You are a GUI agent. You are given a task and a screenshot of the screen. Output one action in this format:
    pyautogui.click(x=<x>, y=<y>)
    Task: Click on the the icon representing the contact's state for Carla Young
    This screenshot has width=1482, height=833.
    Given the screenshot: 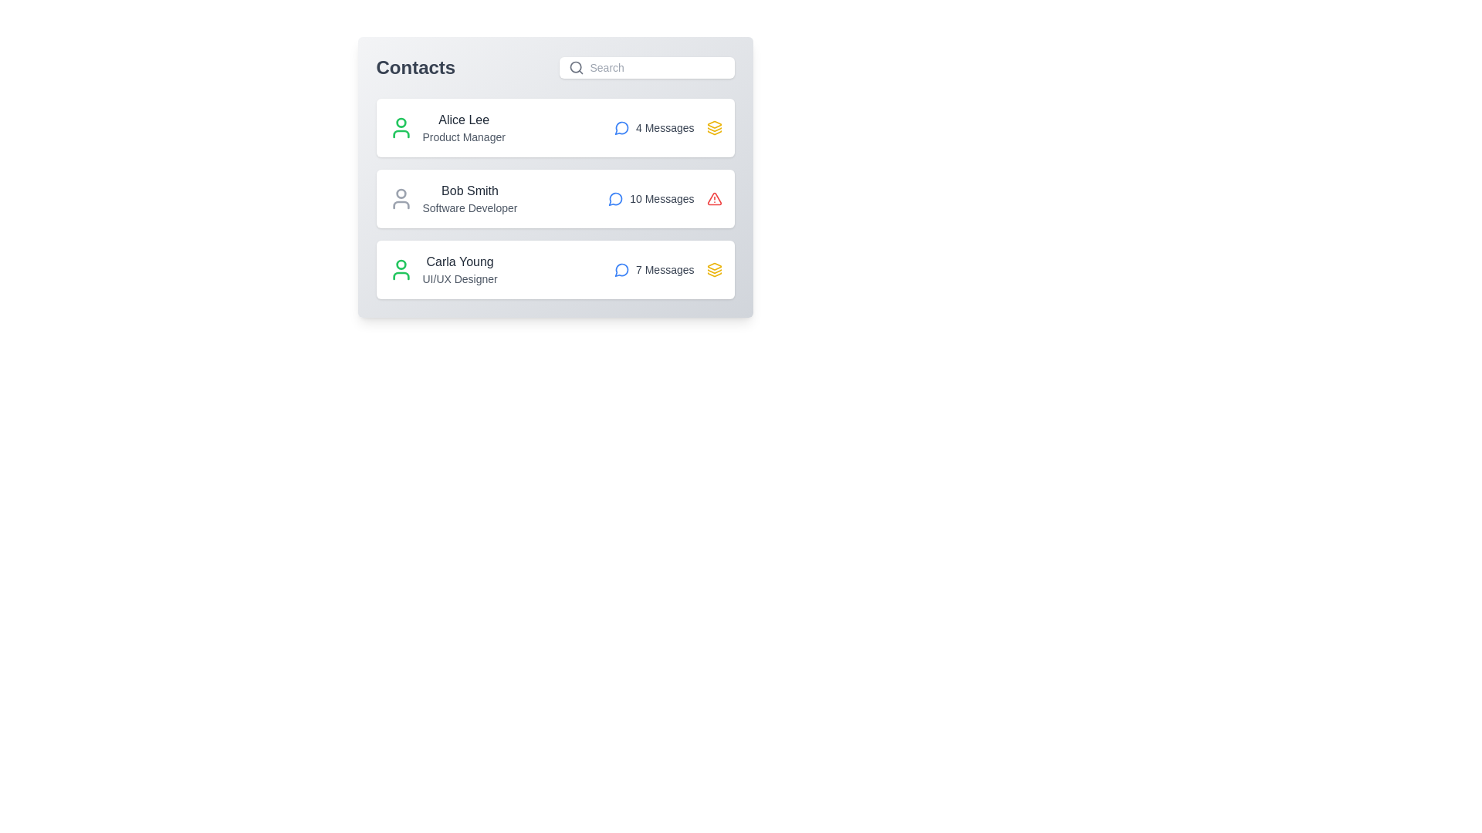 What is the action you would take?
    pyautogui.click(x=713, y=269)
    